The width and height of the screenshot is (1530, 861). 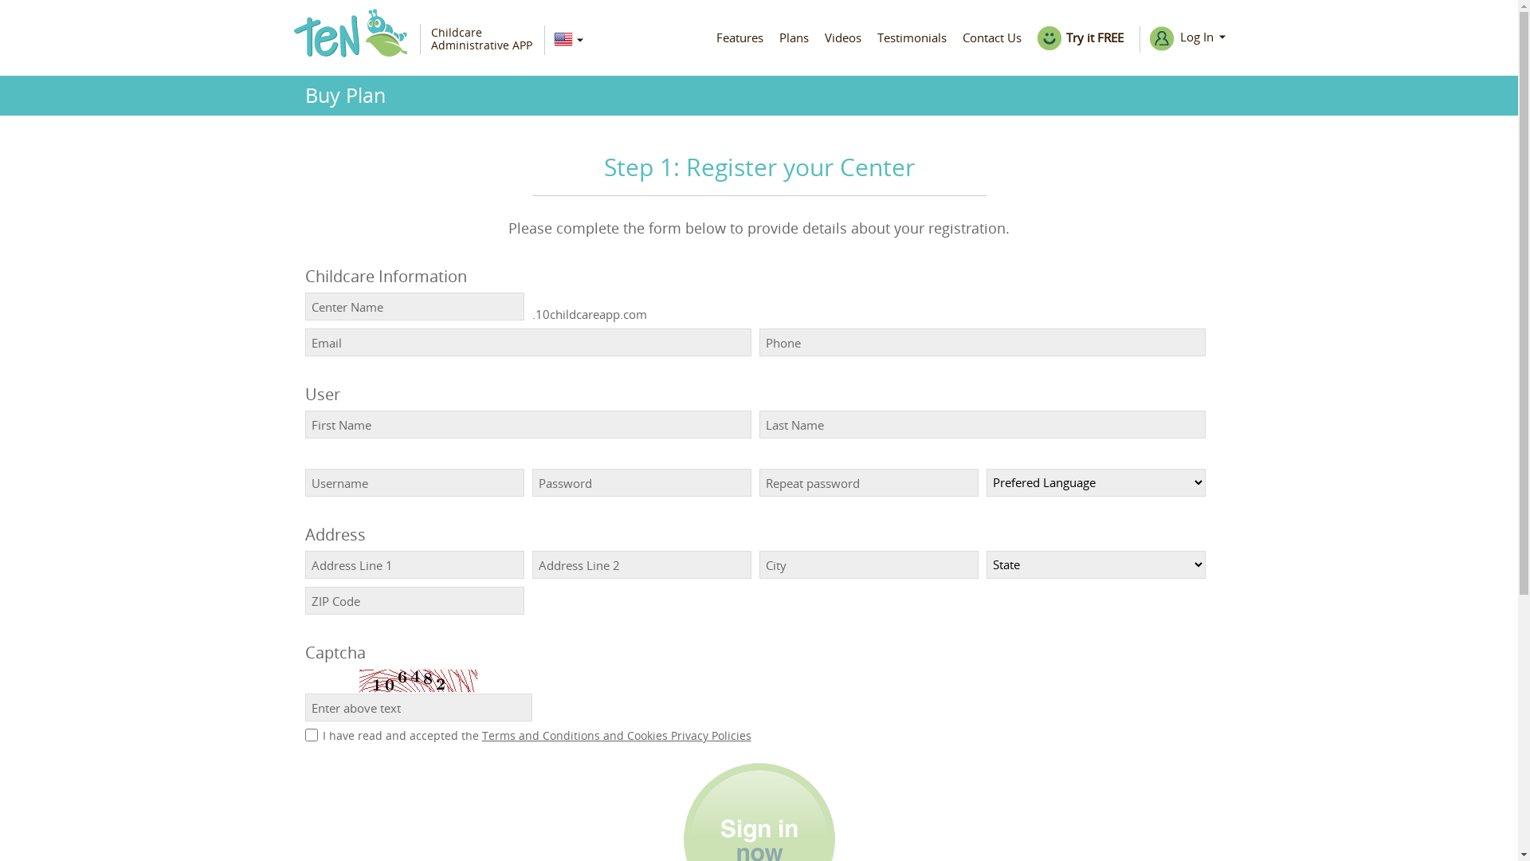 I want to click on 'Try it FREE', so click(x=1081, y=37).